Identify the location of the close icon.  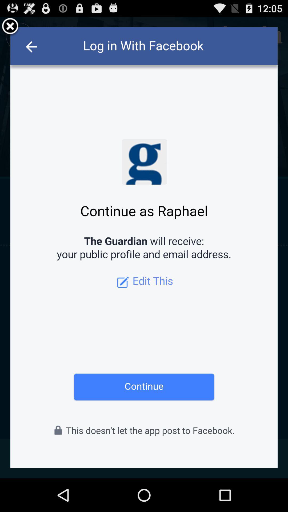
(10, 29).